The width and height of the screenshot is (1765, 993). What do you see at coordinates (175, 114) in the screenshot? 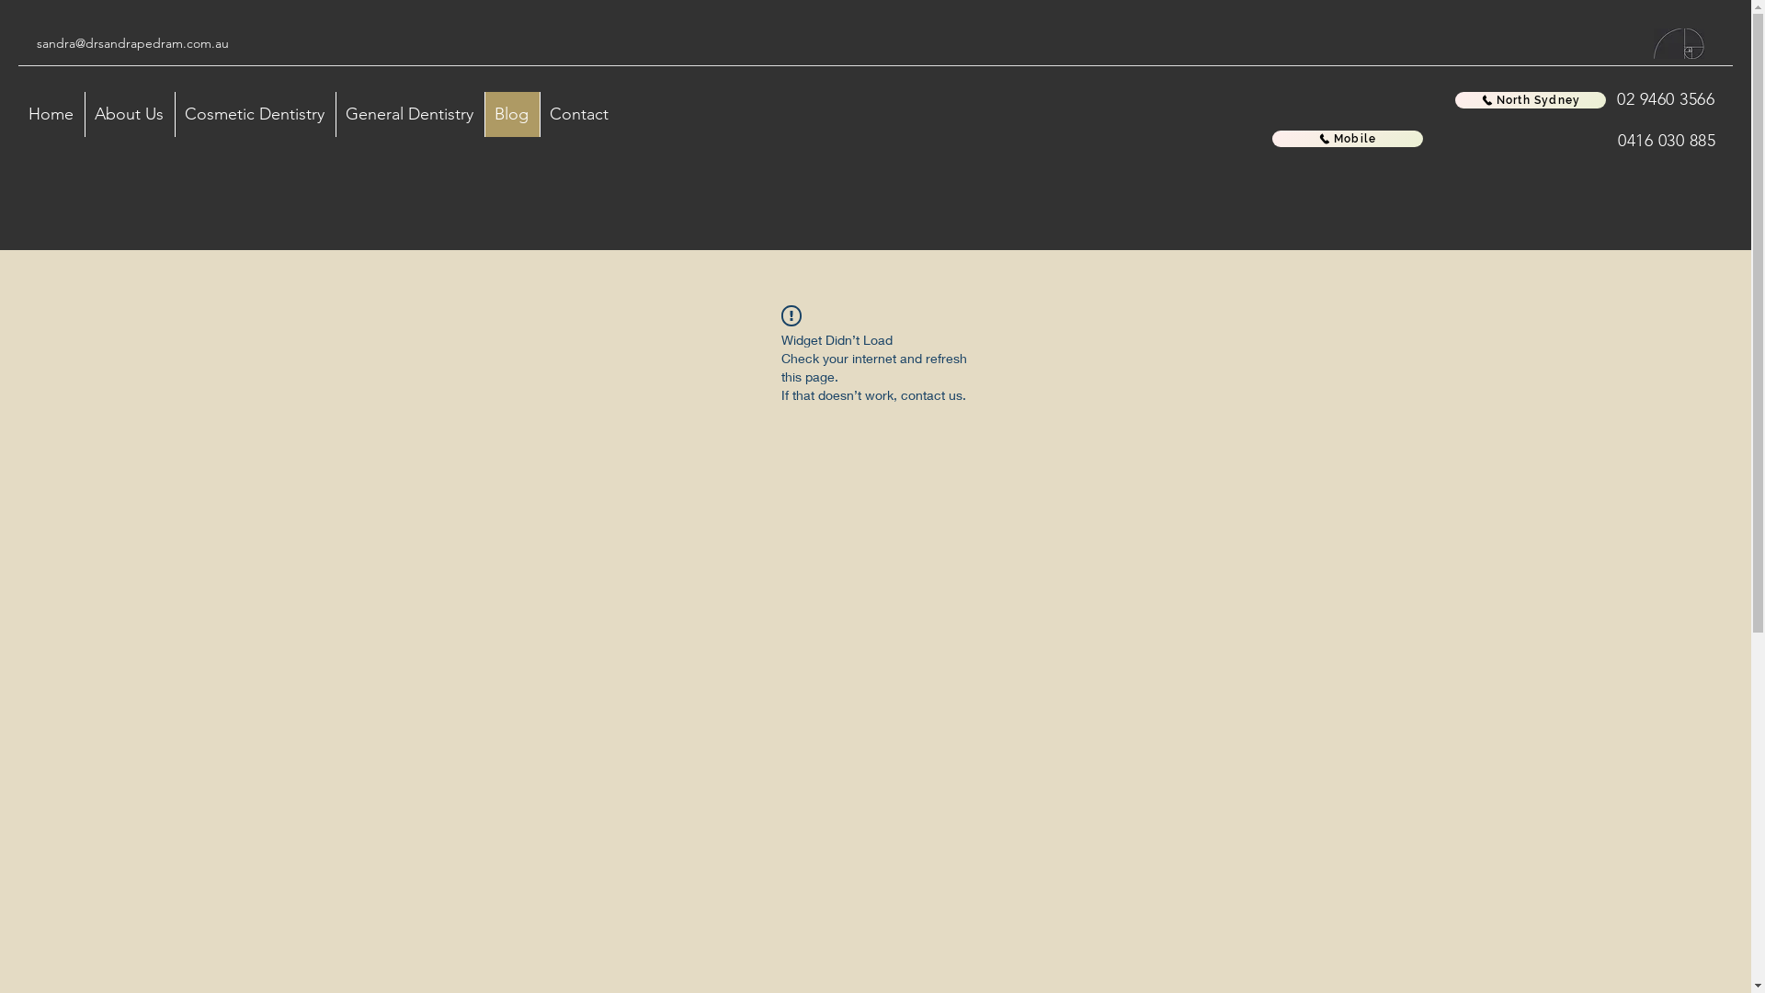
I see `'Cosmetic Dentistry'` at bounding box center [175, 114].